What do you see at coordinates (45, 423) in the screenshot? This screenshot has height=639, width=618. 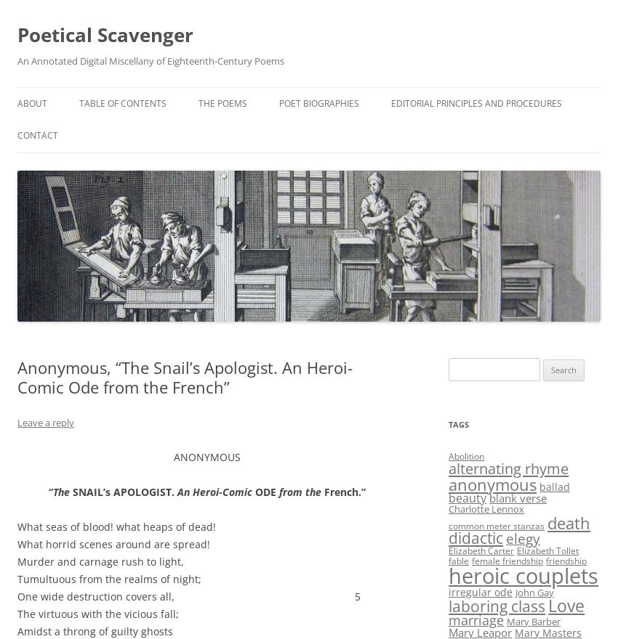 I see `'Leave a reply'` at bounding box center [45, 423].